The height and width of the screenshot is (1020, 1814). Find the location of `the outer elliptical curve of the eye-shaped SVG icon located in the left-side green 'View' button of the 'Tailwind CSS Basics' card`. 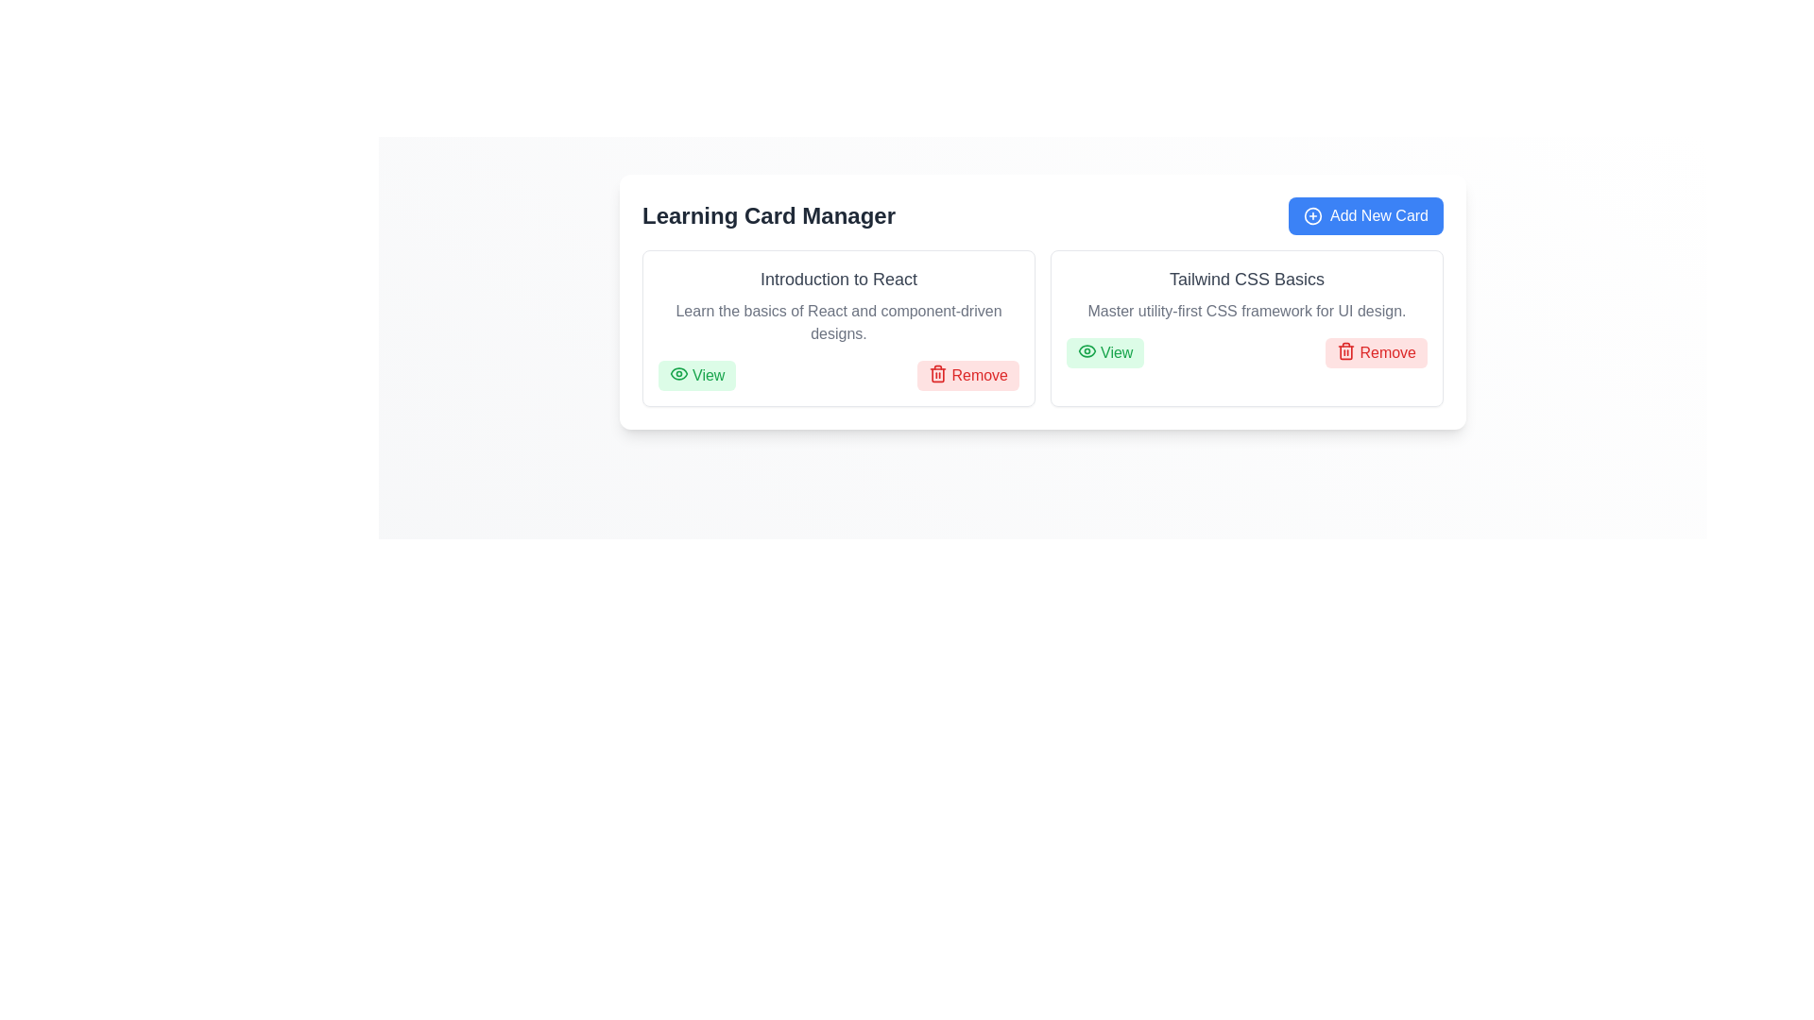

the outer elliptical curve of the eye-shaped SVG icon located in the left-side green 'View' button of the 'Tailwind CSS Basics' card is located at coordinates (1087, 350).